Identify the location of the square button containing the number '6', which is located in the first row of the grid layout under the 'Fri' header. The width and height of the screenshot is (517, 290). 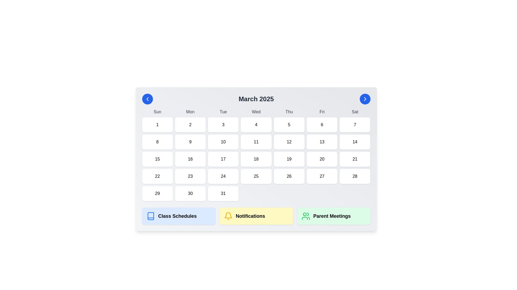
(322, 125).